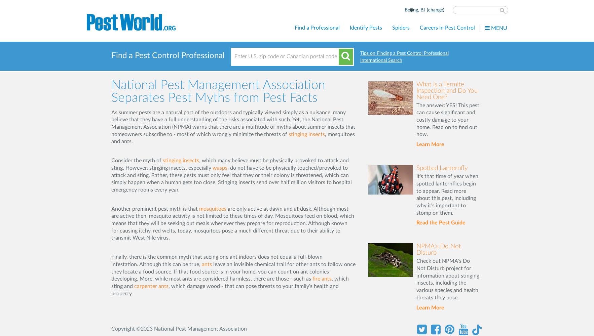 The width and height of the screenshot is (594, 336). Describe the element at coordinates (447, 194) in the screenshot. I see `'It's that time of year when spotted lanternflies begin to appear. Read more about this pest, including why it's important to stomp on them.'` at that location.